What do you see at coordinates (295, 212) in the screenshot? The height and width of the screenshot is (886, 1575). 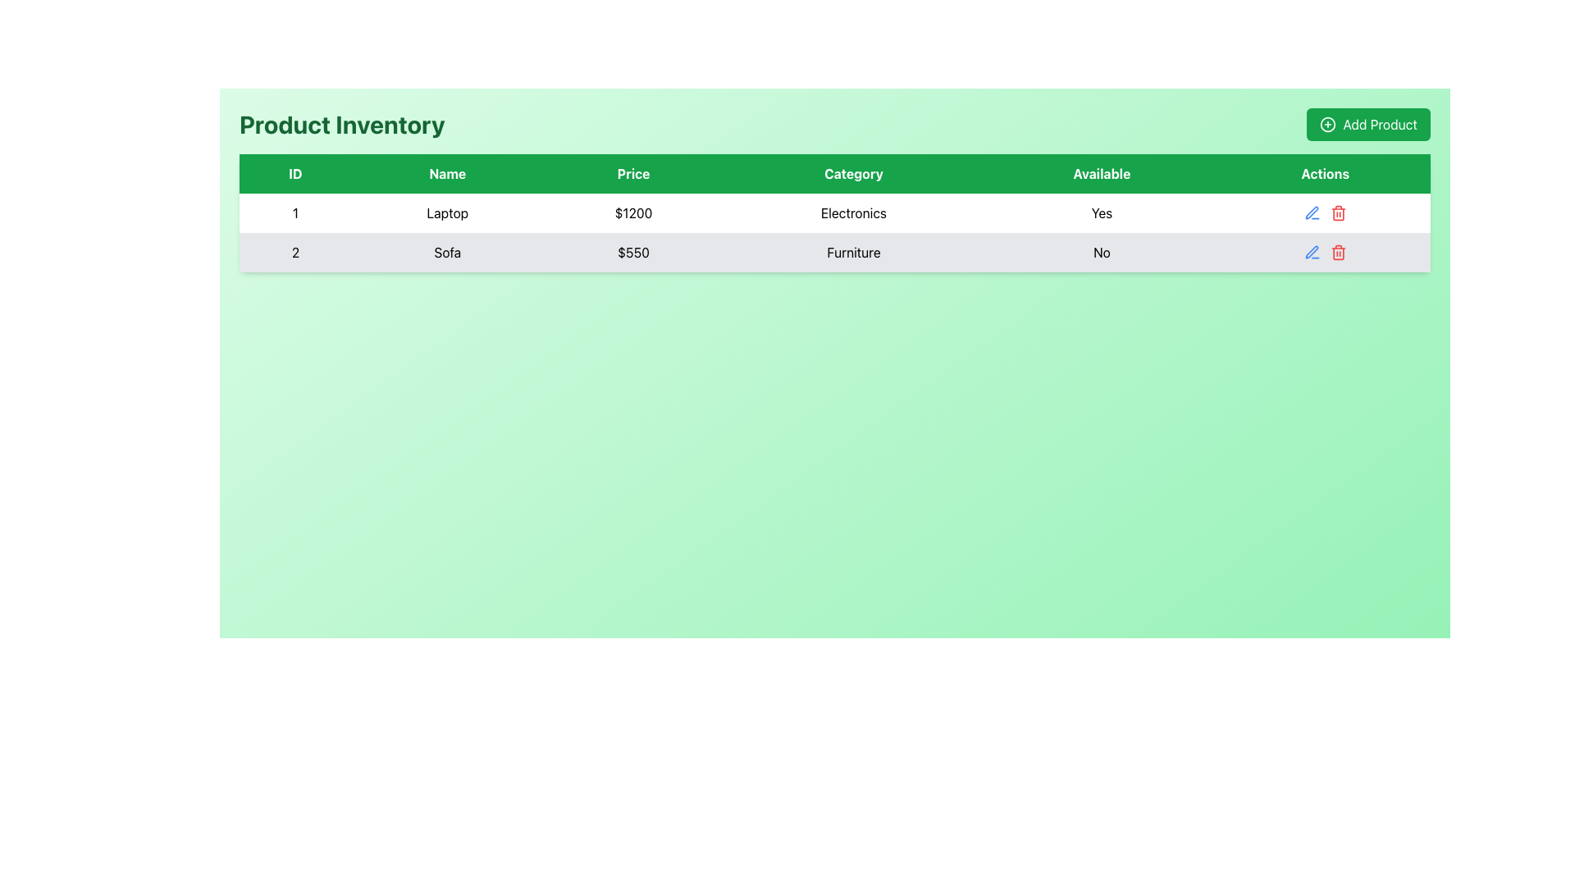 I see `the text display element representing the unique identifier for the first item in the product inventory, located in the first column of the first row under the 'ID' header` at bounding box center [295, 212].